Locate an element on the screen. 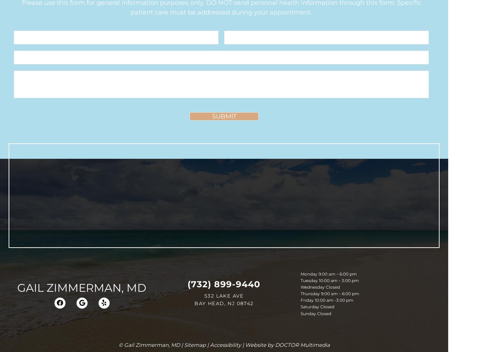  'Sunday Closed' is located at coordinates (315, 313).